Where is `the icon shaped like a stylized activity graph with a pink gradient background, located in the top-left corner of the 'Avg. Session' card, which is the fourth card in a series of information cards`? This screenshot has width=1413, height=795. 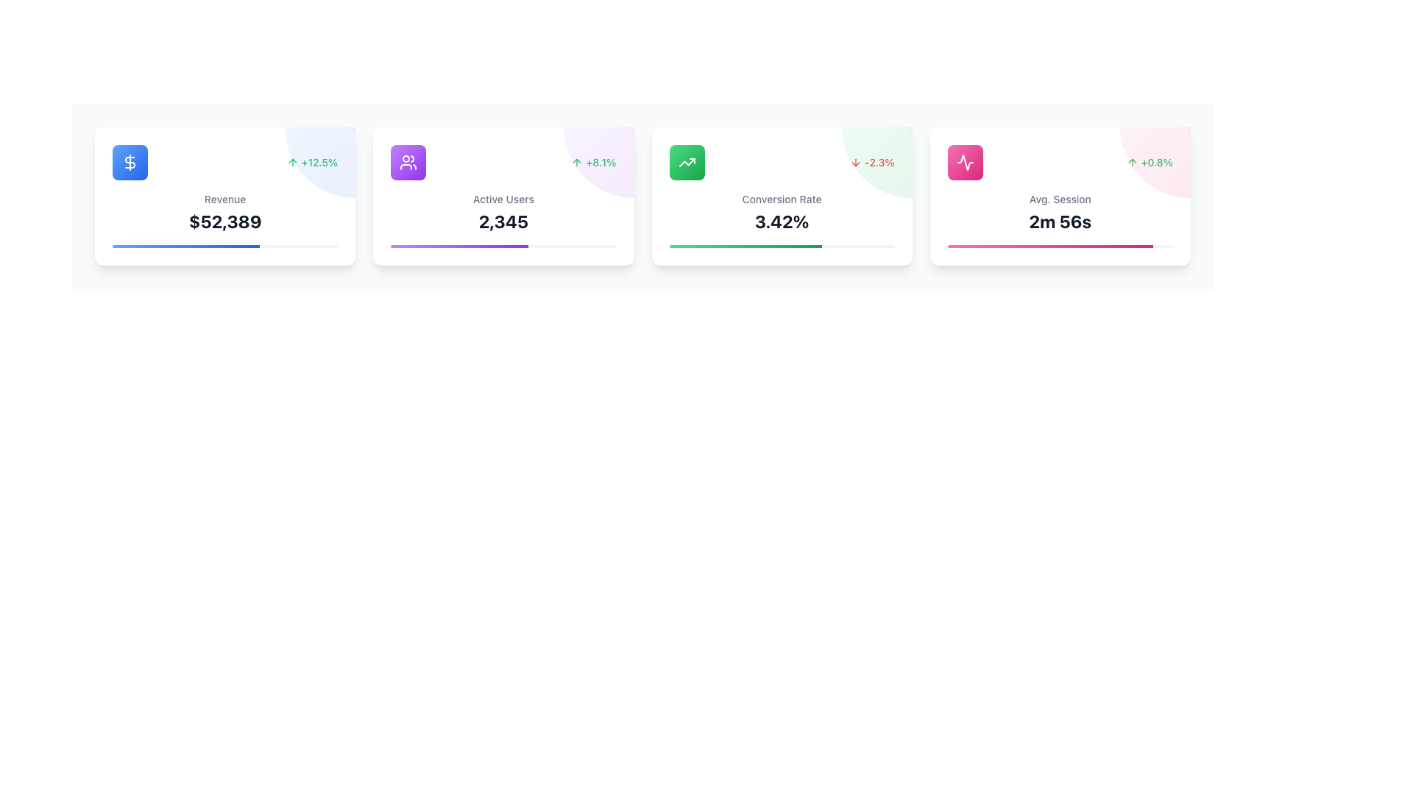 the icon shaped like a stylized activity graph with a pink gradient background, located in the top-left corner of the 'Avg. Session' card, which is the fourth card in a series of information cards is located at coordinates (965, 162).